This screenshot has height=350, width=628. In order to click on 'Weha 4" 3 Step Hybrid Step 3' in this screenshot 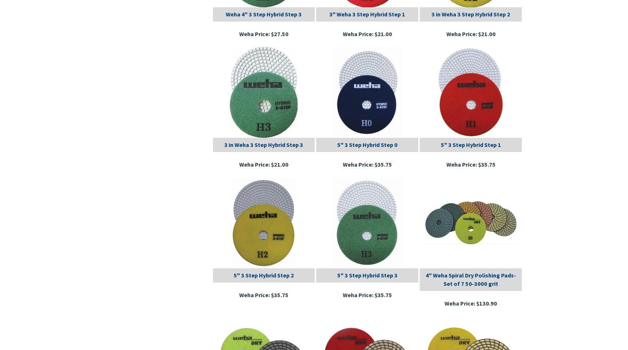, I will do `click(263, 13)`.